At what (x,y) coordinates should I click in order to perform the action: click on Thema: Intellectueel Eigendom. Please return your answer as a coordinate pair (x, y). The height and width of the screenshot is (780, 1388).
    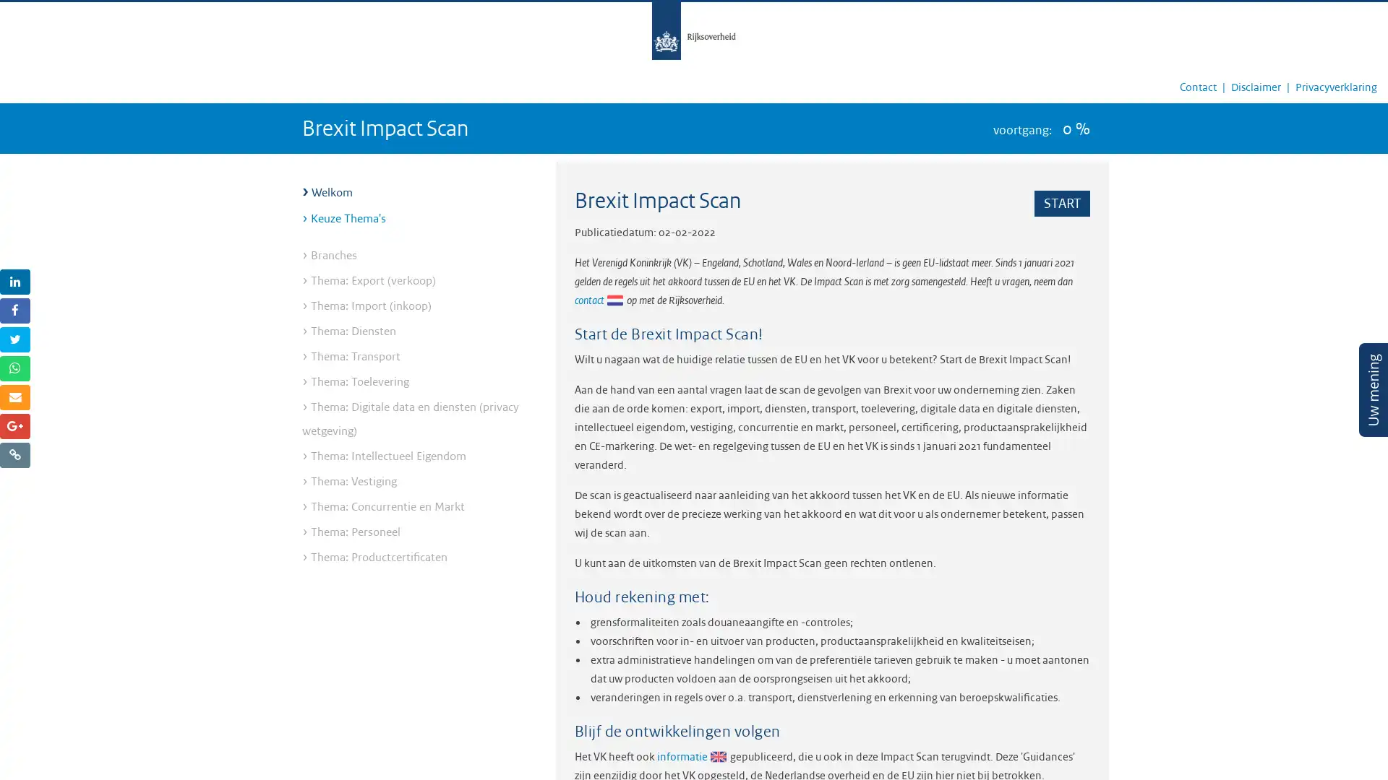
    Looking at the image, I should click on (416, 456).